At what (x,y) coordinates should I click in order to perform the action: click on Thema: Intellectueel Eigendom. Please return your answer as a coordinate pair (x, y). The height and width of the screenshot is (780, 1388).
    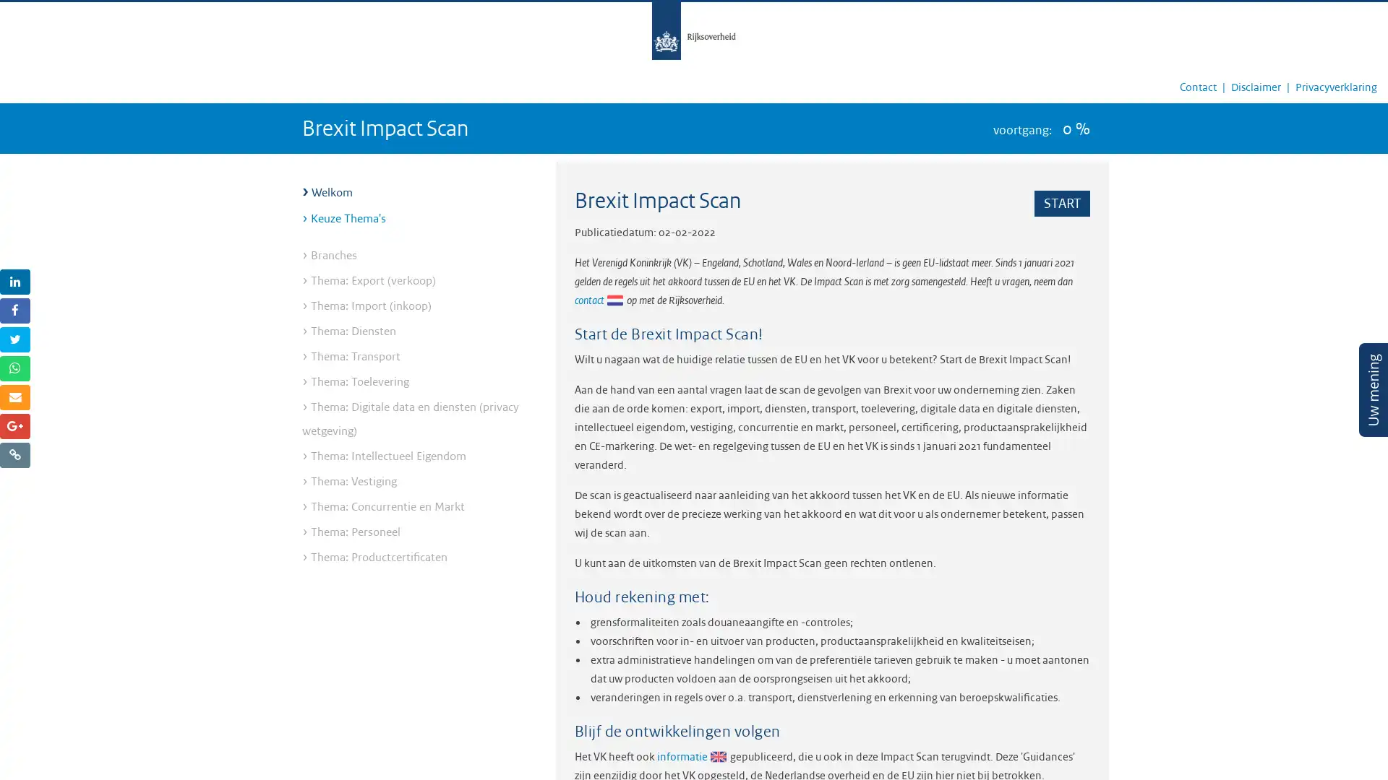
    Looking at the image, I should click on (416, 456).